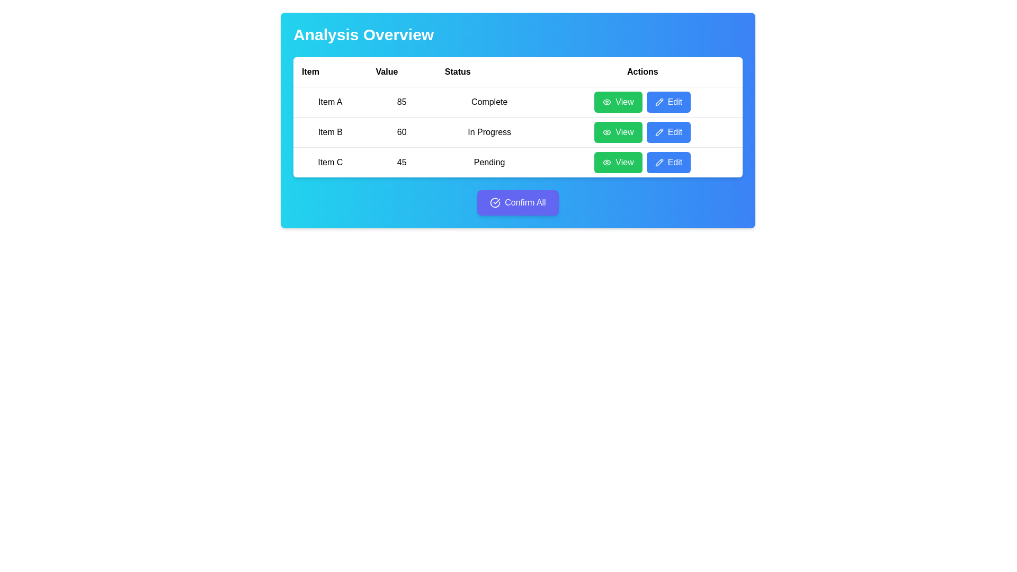 The width and height of the screenshot is (1017, 572). What do you see at coordinates (489, 132) in the screenshot?
I see `the text element displaying 'In Progress' located in the 'Status' column of the second row of the table, which is between '60' in the 'Value' column and the 'View' button in the 'Actions' column` at bounding box center [489, 132].